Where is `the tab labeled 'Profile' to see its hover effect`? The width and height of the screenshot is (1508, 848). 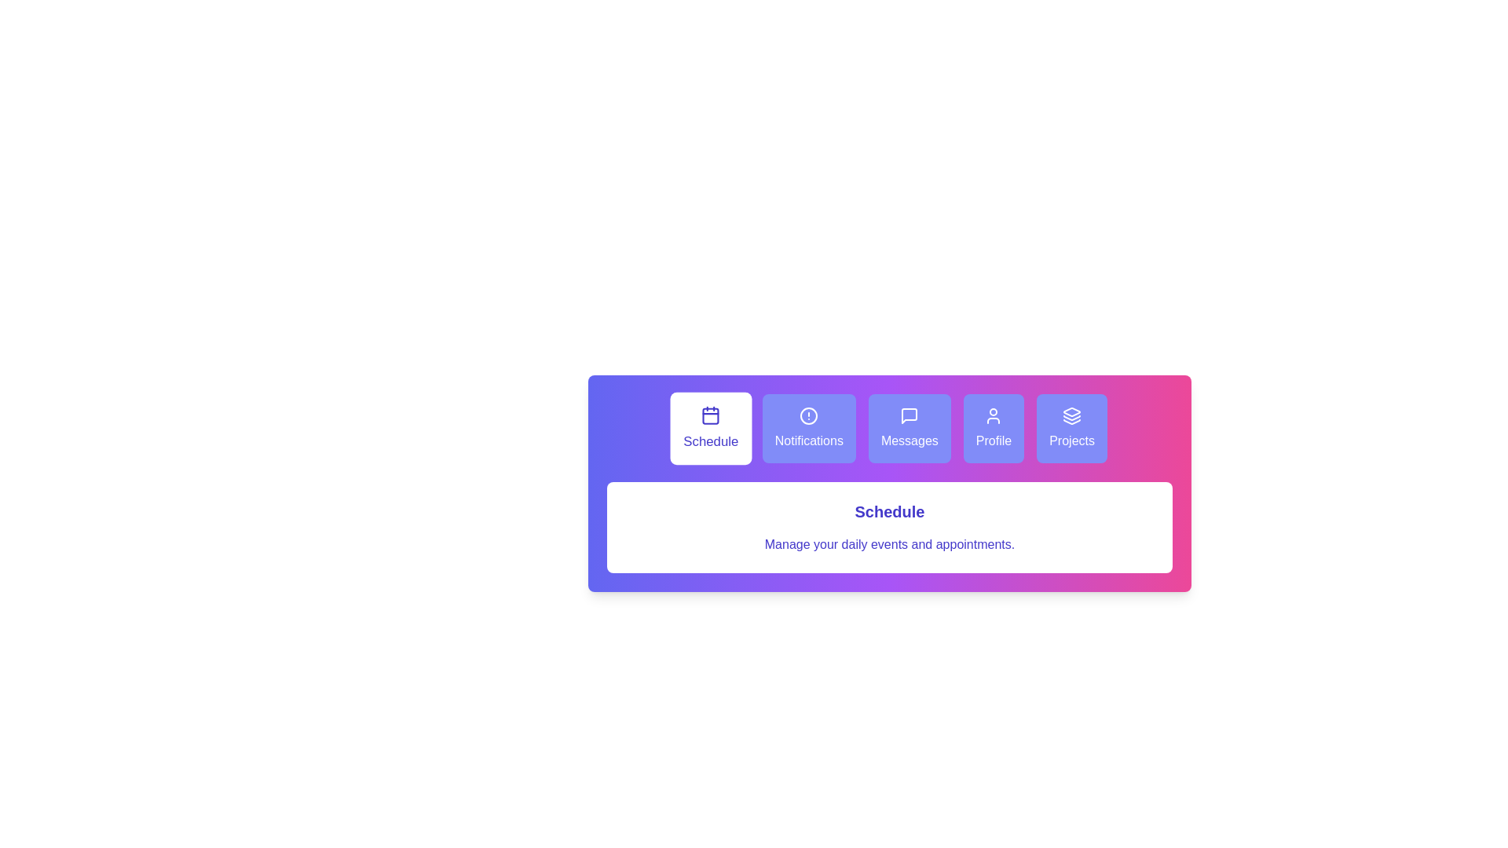
the tab labeled 'Profile' to see its hover effect is located at coordinates (993, 429).